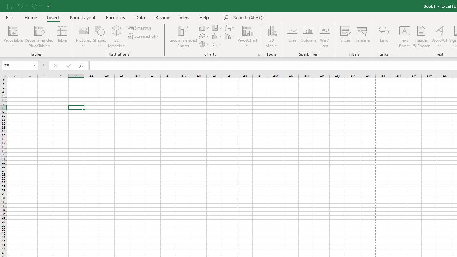  Describe the element at coordinates (247, 30) in the screenshot. I see `'PivotChart'` at that location.